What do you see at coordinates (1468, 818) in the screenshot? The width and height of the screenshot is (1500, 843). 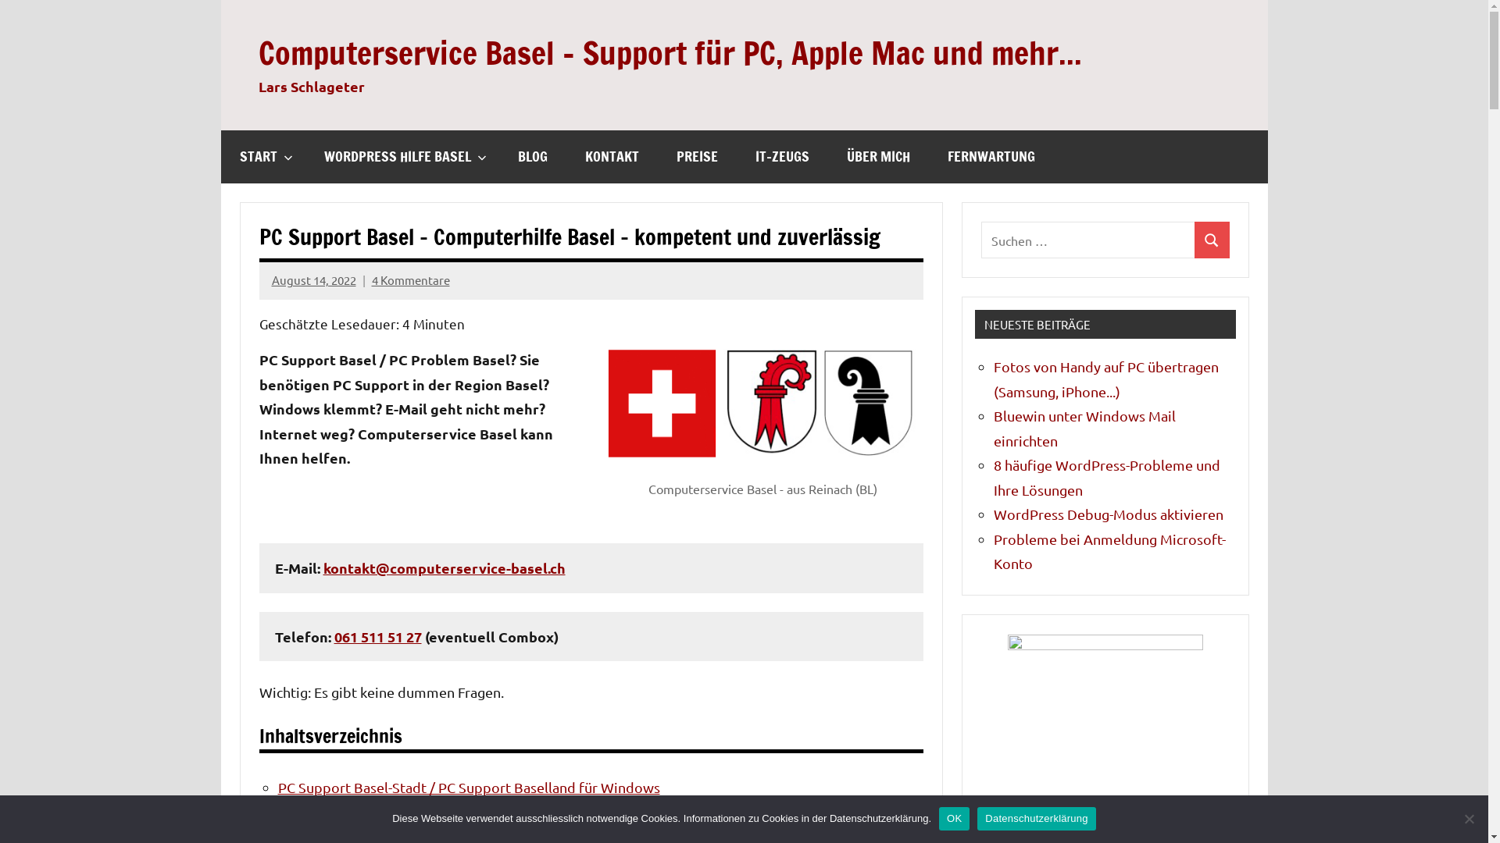 I see `'Nein'` at bounding box center [1468, 818].